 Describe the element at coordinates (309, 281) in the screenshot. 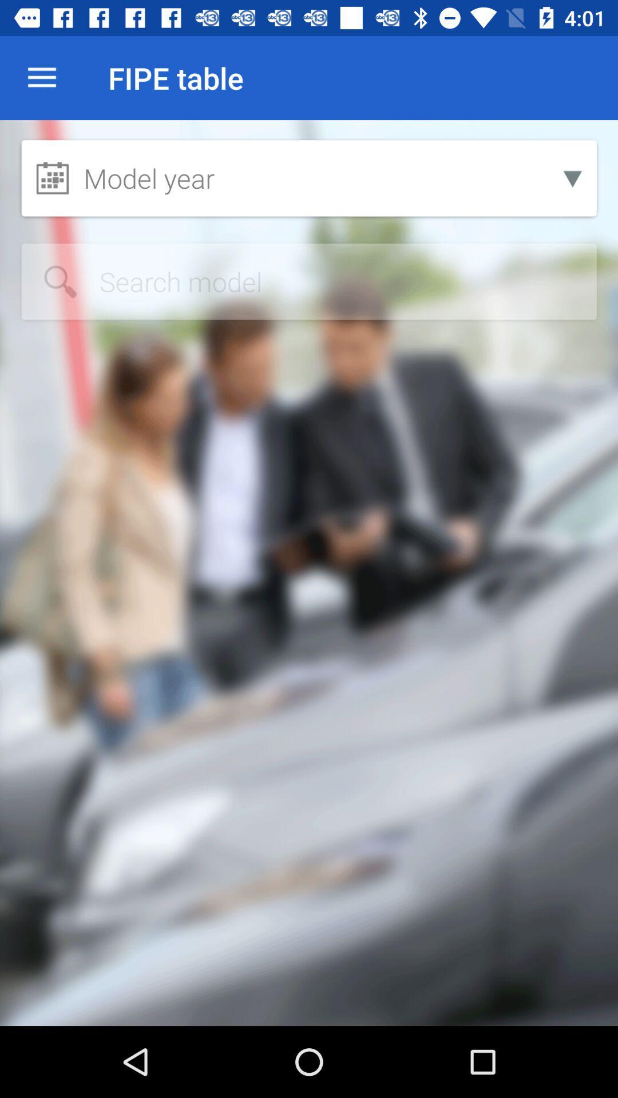

I see `search model` at that location.